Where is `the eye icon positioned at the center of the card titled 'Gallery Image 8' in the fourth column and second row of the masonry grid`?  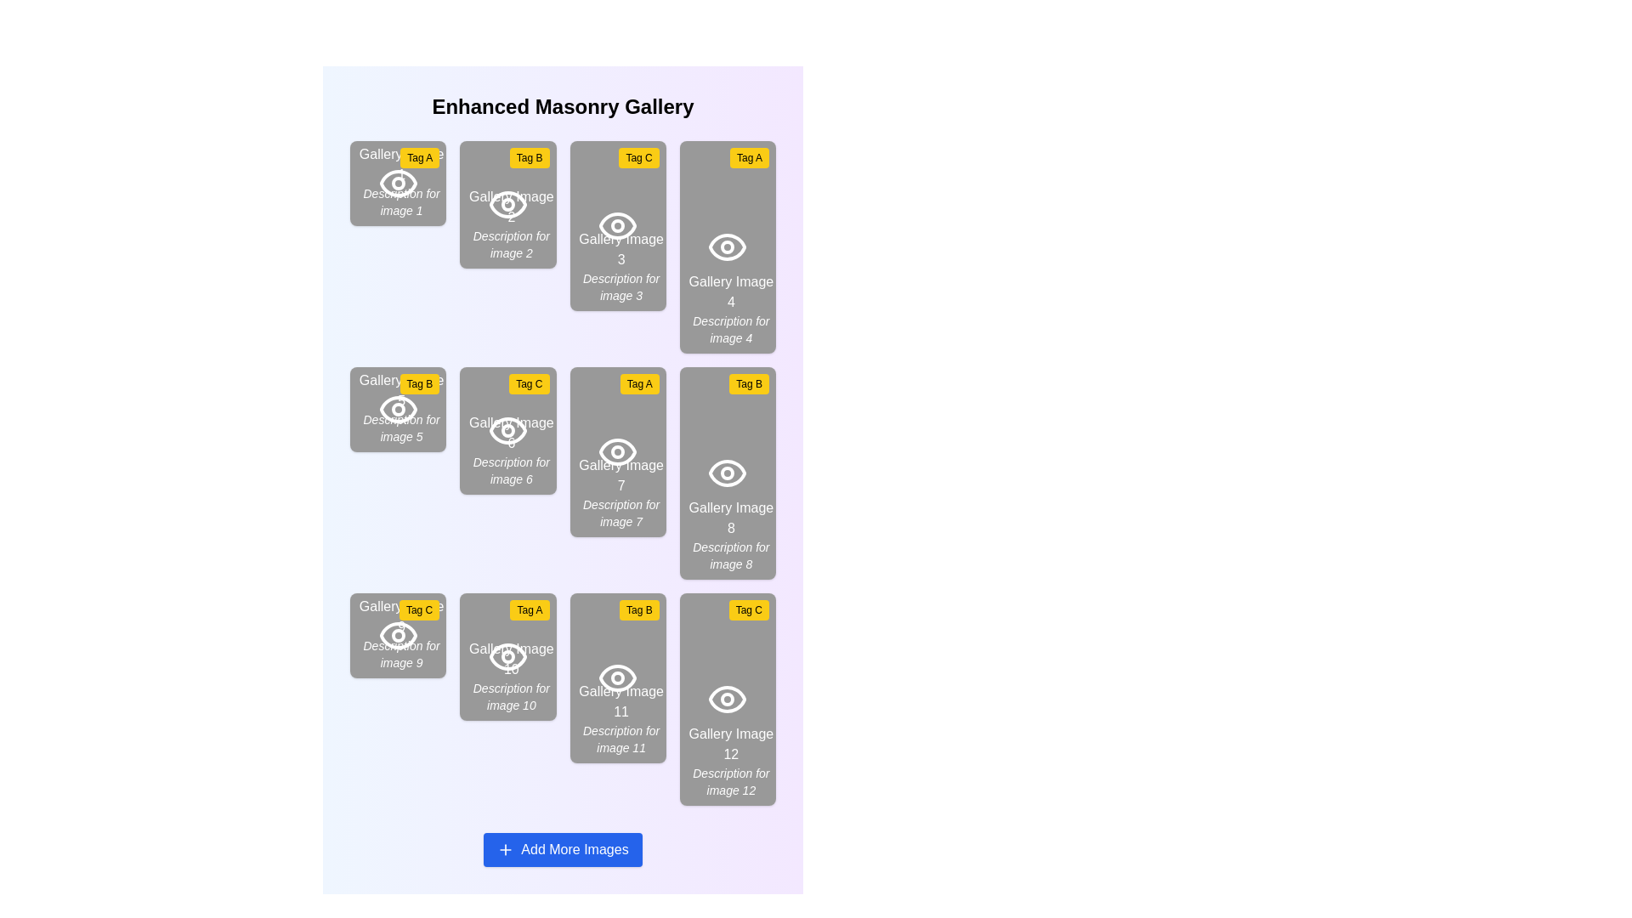 the eye icon positioned at the center of the card titled 'Gallery Image 8' in the fourth column and second row of the masonry grid is located at coordinates (728, 473).